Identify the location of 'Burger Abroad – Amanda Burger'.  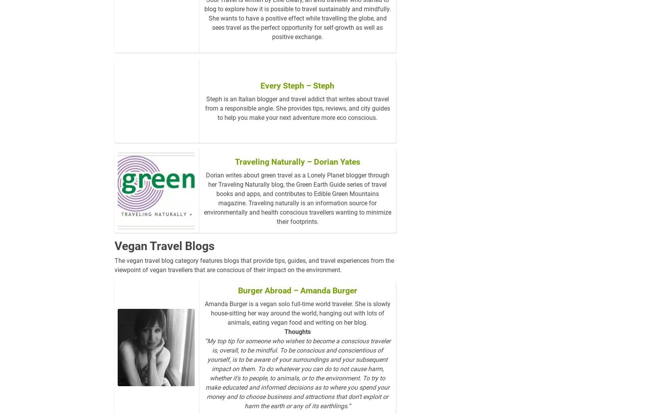
(228, 302).